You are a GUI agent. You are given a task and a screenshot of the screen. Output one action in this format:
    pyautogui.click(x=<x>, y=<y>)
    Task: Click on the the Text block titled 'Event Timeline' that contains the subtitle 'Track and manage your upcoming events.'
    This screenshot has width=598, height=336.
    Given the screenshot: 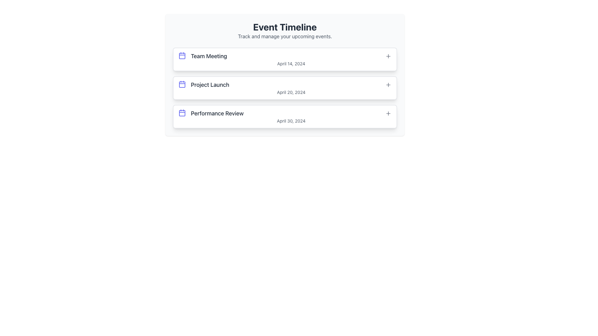 What is the action you would take?
    pyautogui.click(x=285, y=31)
    